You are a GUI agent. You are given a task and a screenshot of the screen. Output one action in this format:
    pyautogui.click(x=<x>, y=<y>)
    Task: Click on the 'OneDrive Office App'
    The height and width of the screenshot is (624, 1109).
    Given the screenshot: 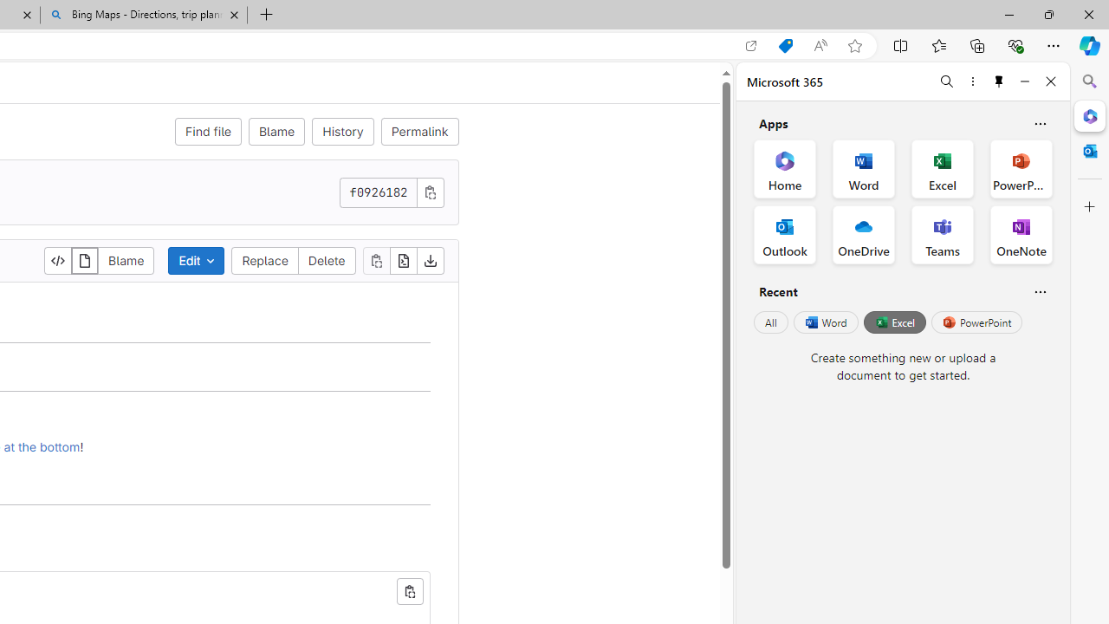 What is the action you would take?
    pyautogui.click(x=864, y=235)
    